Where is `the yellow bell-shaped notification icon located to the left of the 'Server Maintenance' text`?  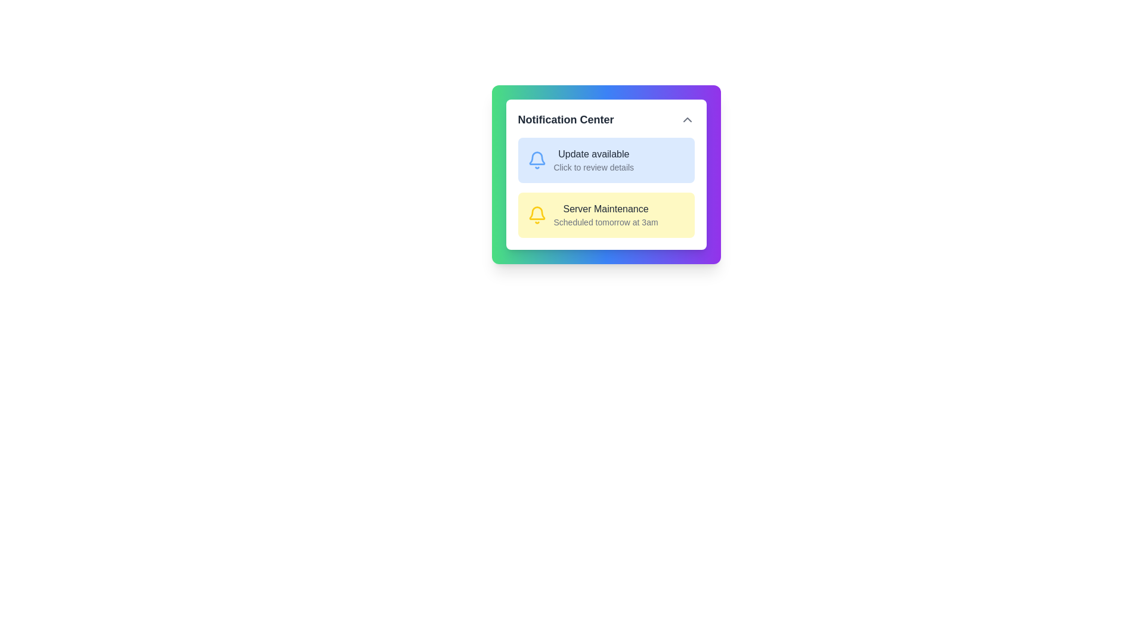
the yellow bell-shaped notification icon located to the left of the 'Server Maintenance' text is located at coordinates (536, 212).